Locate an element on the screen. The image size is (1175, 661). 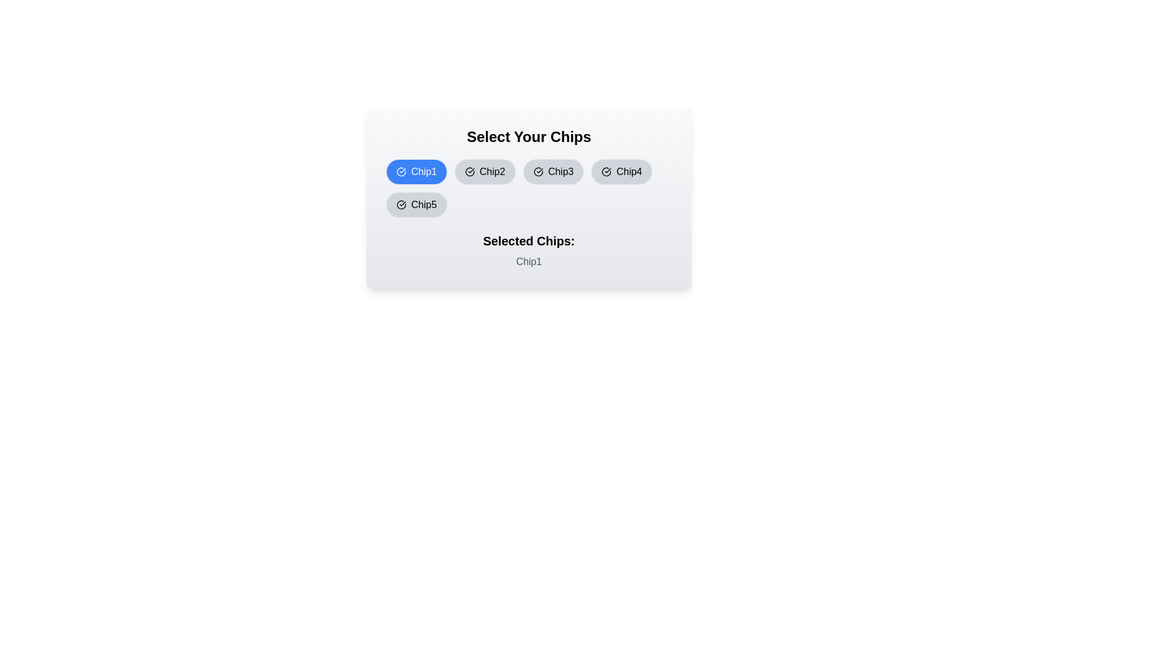
the heading text 'Select Your Chips' is located at coordinates (529, 136).